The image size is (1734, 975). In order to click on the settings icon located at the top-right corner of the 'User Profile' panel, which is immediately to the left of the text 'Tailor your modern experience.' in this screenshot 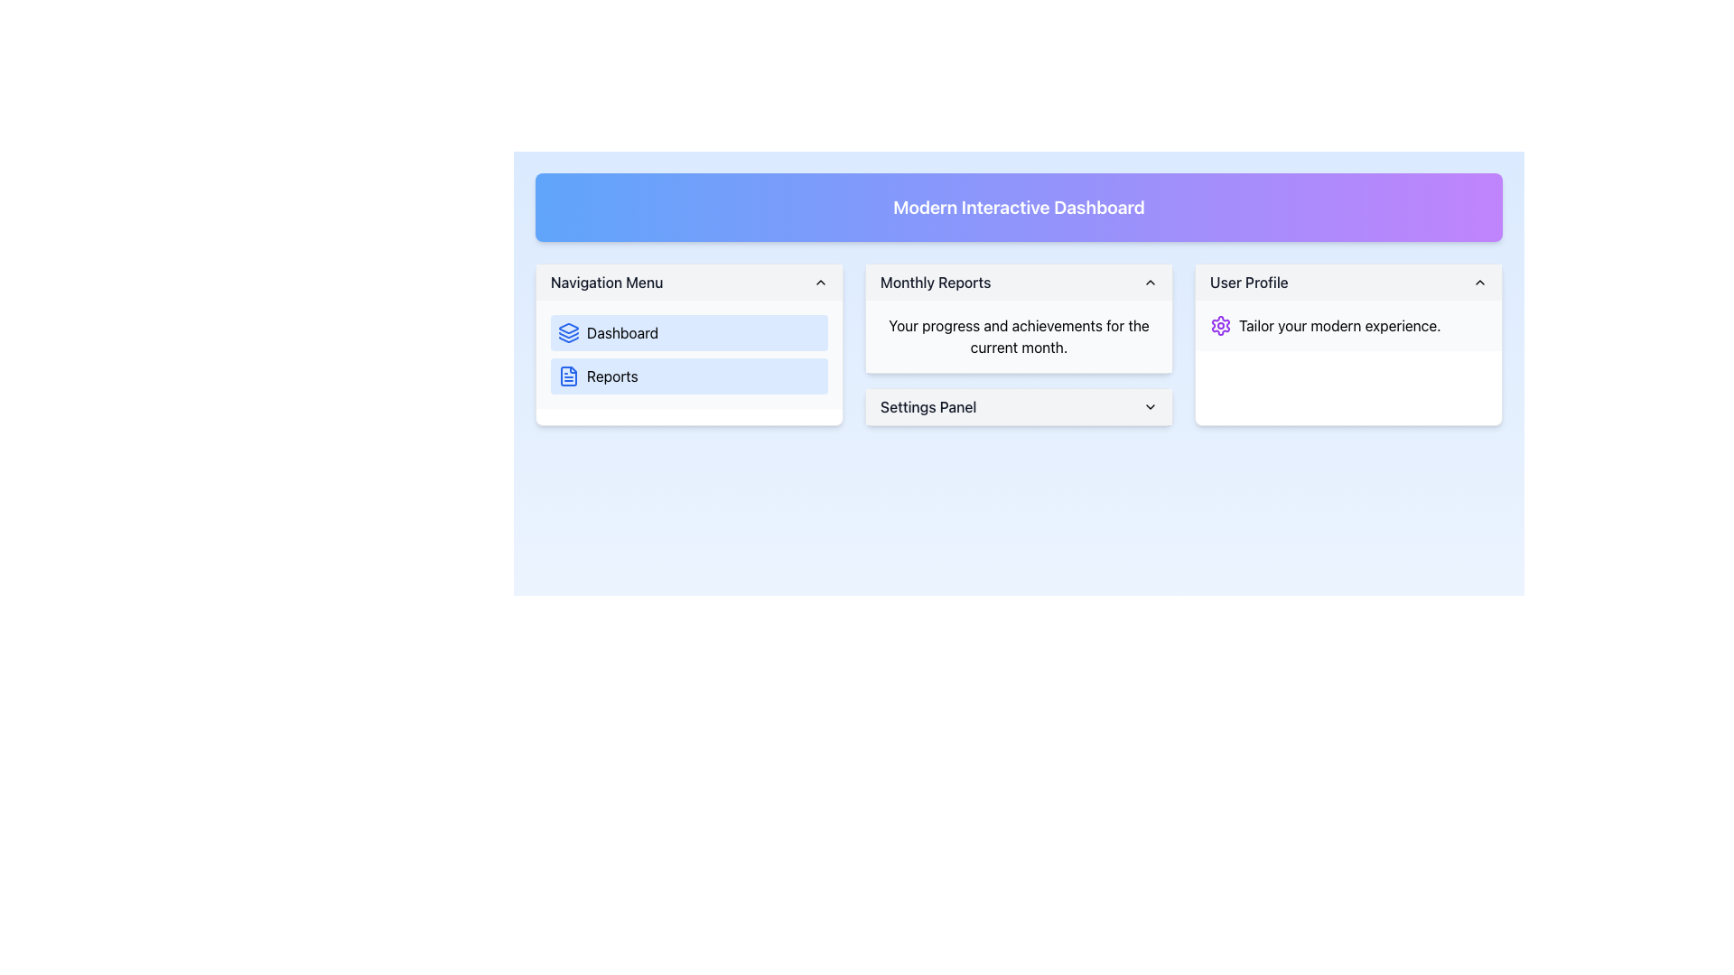, I will do `click(1221, 326)`.